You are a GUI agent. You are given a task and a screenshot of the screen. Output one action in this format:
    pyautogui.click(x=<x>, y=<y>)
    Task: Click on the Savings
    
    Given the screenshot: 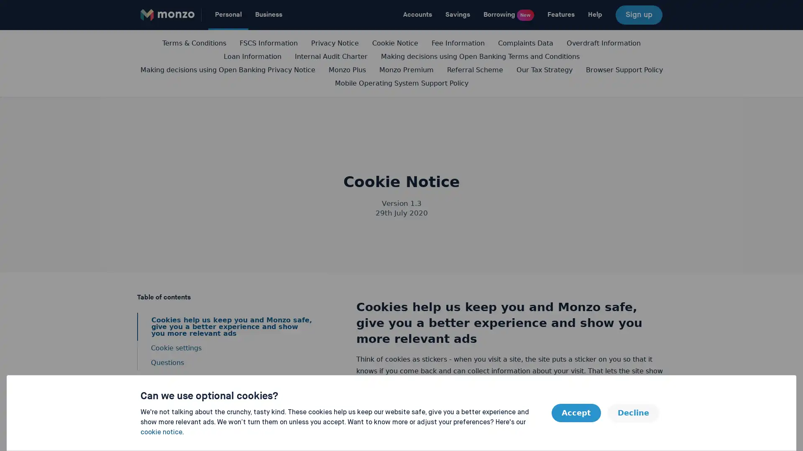 What is the action you would take?
    pyautogui.click(x=457, y=15)
    